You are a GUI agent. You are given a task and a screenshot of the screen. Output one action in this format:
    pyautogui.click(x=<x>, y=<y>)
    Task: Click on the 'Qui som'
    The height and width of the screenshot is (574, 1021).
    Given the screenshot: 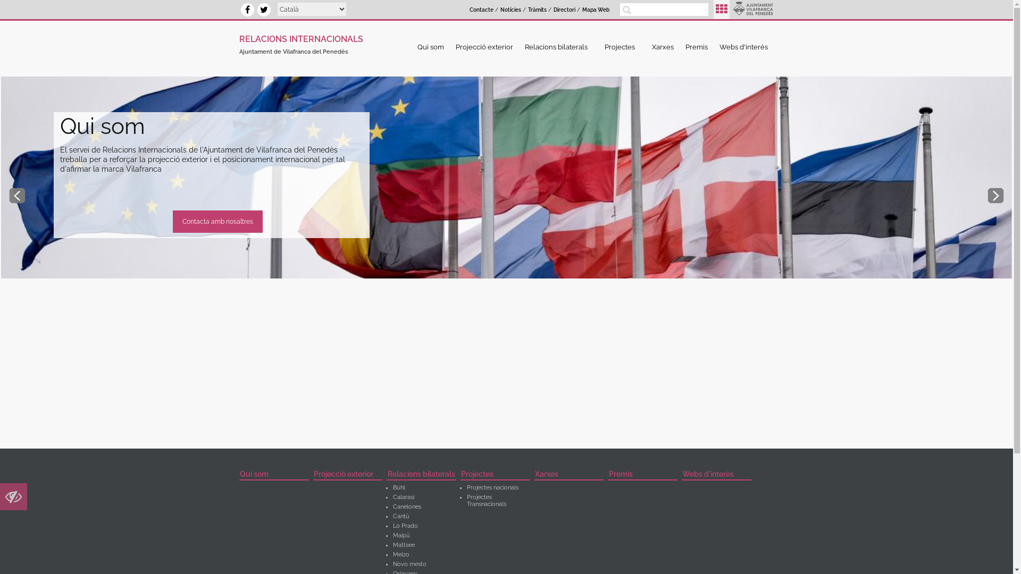 What is the action you would take?
    pyautogui.click(x=274, y=475)
    